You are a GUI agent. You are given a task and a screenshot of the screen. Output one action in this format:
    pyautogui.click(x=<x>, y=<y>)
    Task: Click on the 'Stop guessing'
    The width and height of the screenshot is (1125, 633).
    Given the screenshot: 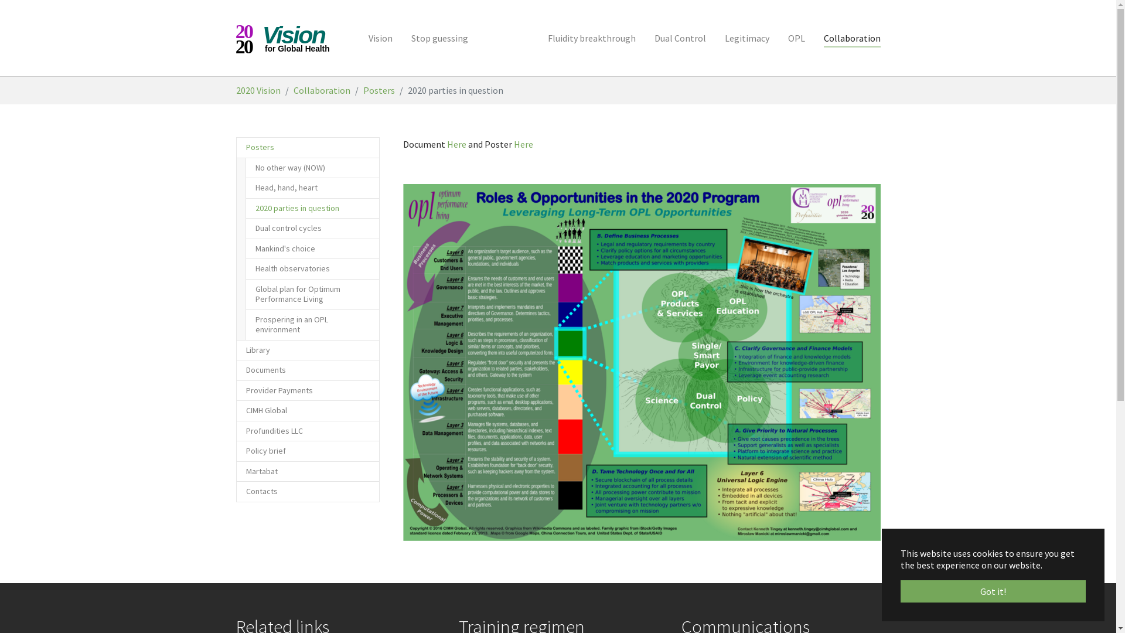 What is the action you would take?
    pyautogui.click(x=439, y=38)
    